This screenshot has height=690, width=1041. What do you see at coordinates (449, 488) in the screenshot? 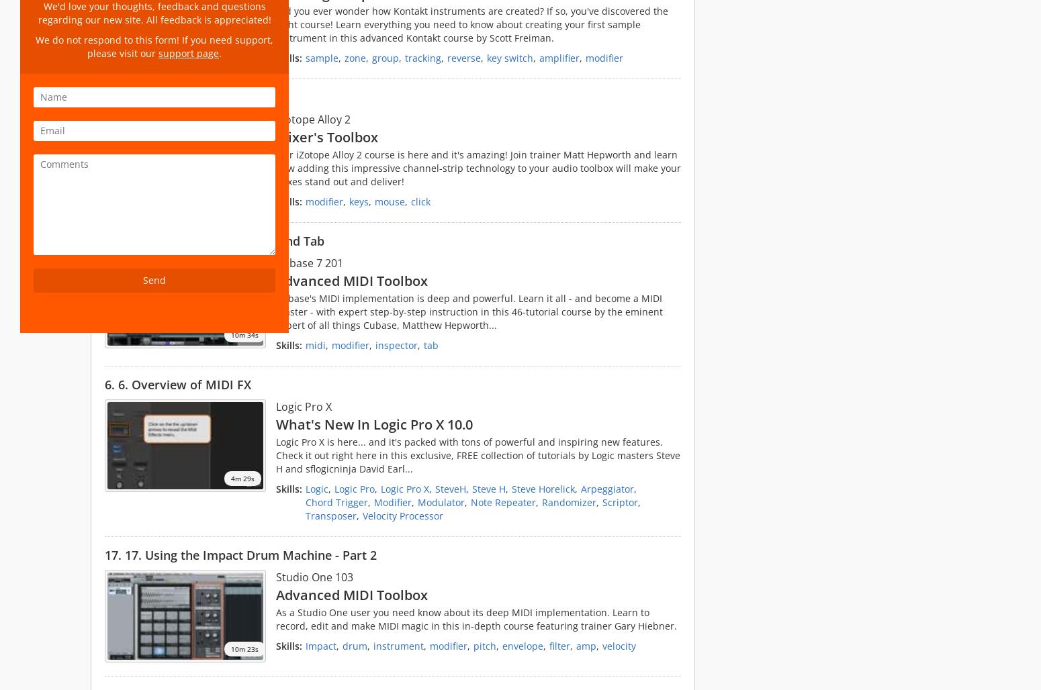
I see `'SteveH'` at bounding box center [449, 488].